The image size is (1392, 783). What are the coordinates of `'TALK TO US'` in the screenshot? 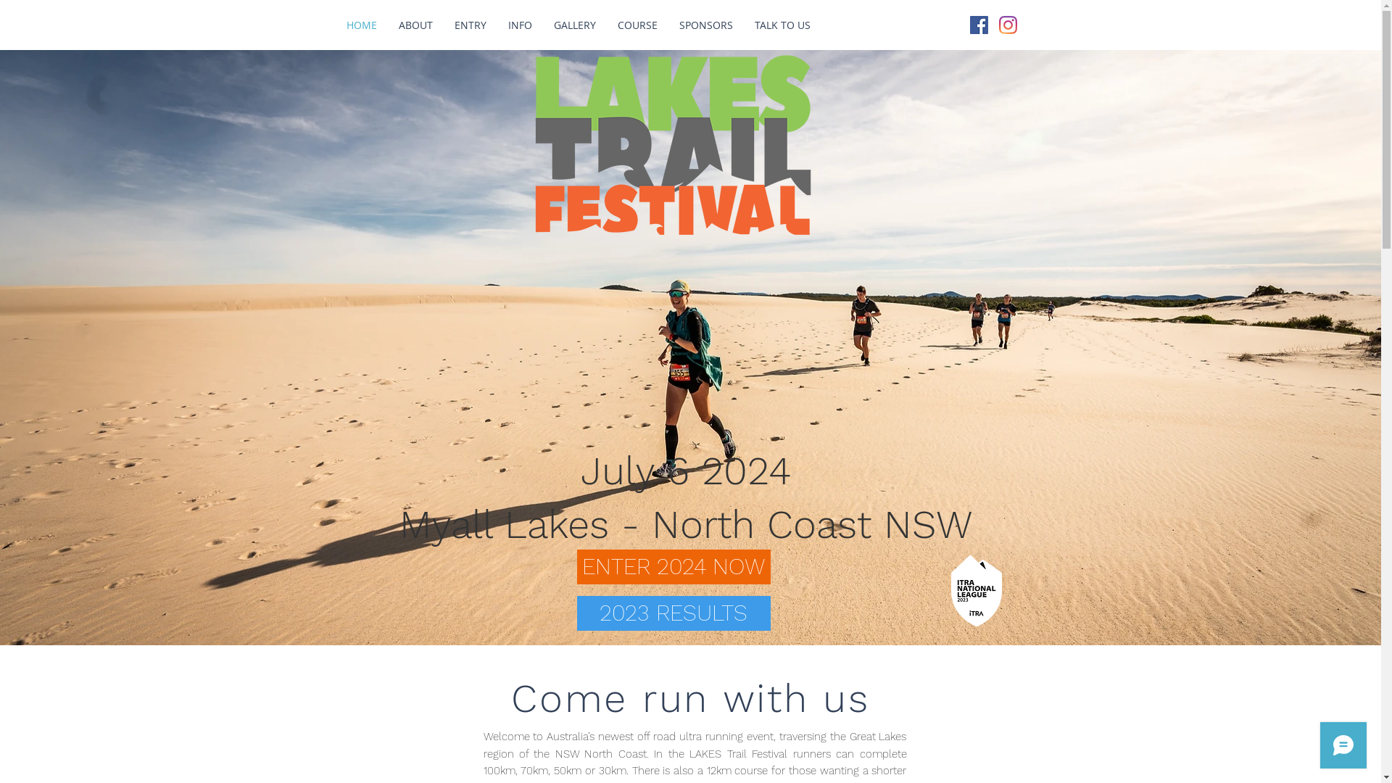 It's located at (782, 25).